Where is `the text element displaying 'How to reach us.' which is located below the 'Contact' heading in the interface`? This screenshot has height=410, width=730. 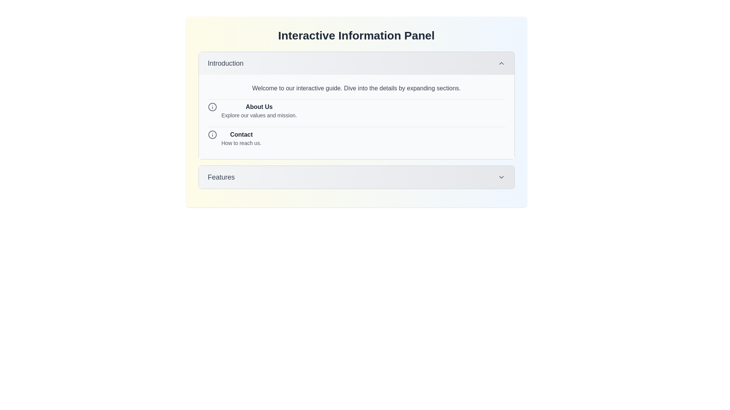
the text element displaying 'How to reach us.' which is located below the 'Contact' heading in the interface is located at coordinates (241, 143).